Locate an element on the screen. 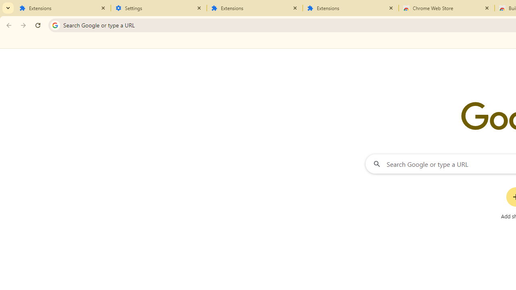  'Back' is located at coordinates (8, 25).